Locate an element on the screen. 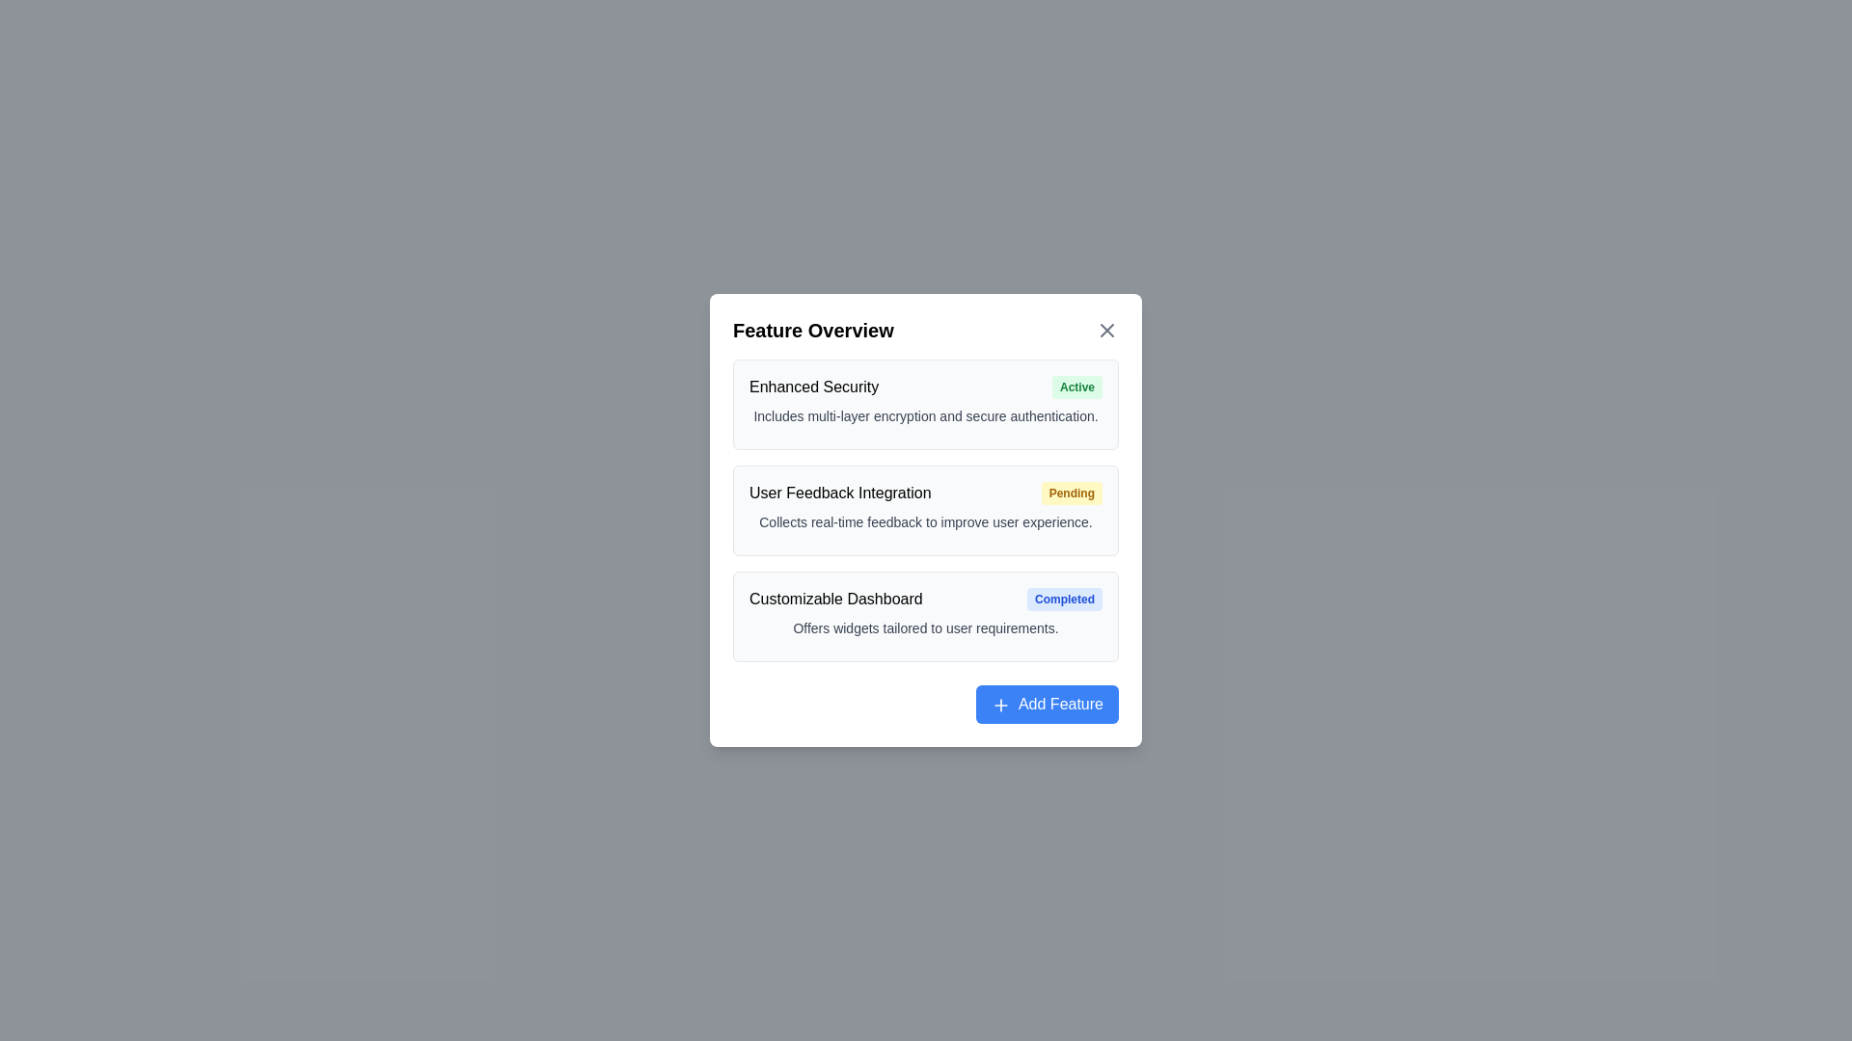 This screenshot has height=1041, width=1852. the button located at the bottom-right corner of the card layout is located at coordinates (926, 705).